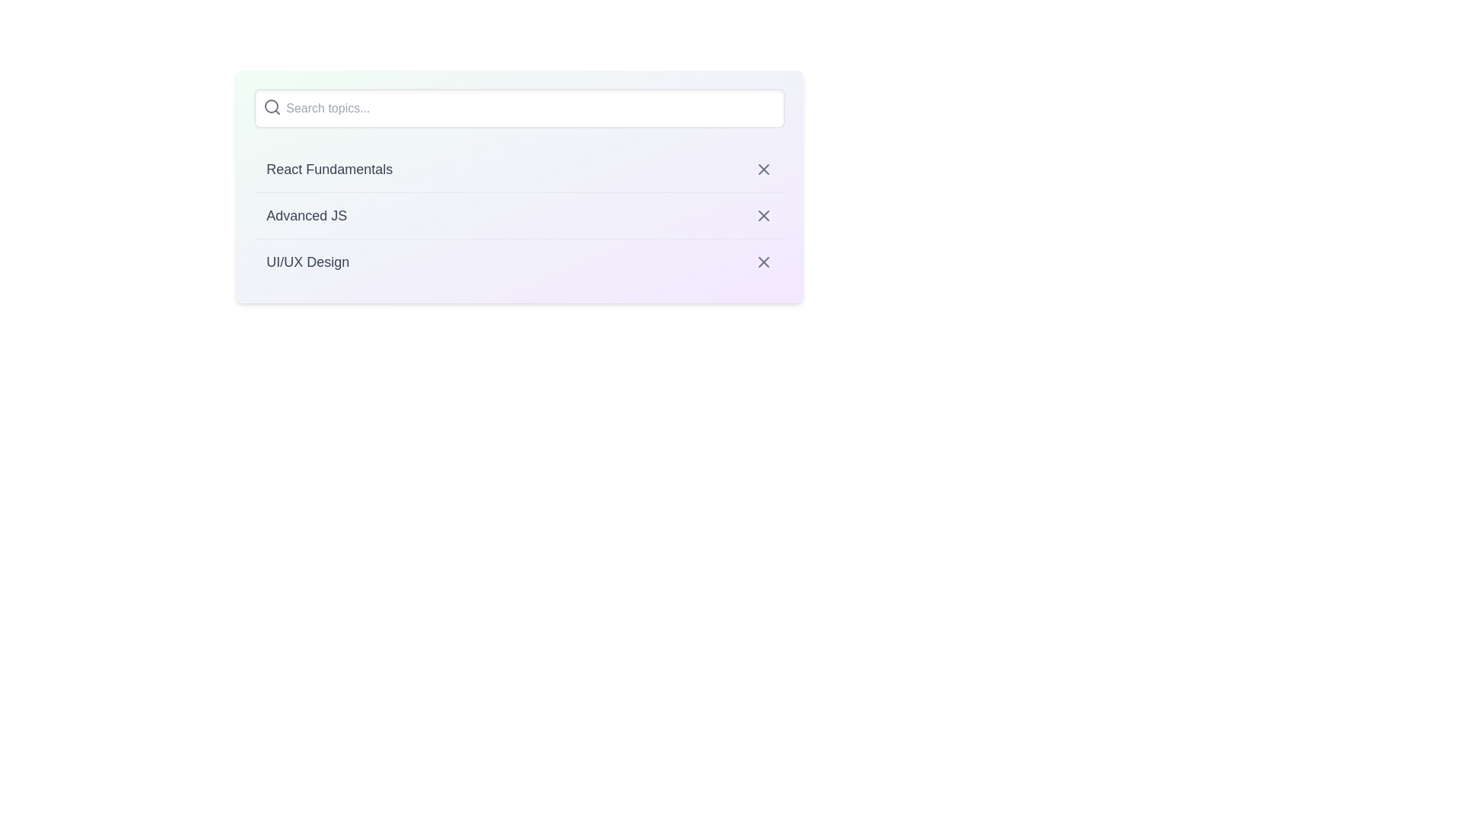  I want to click on the search icon to focus the input field, so click(272, 106).